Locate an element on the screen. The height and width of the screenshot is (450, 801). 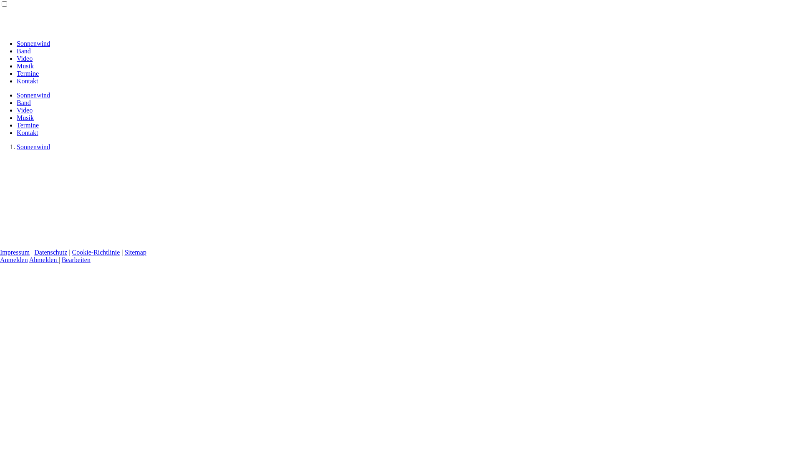
'Impressum' is located at coordinates (15, 252).